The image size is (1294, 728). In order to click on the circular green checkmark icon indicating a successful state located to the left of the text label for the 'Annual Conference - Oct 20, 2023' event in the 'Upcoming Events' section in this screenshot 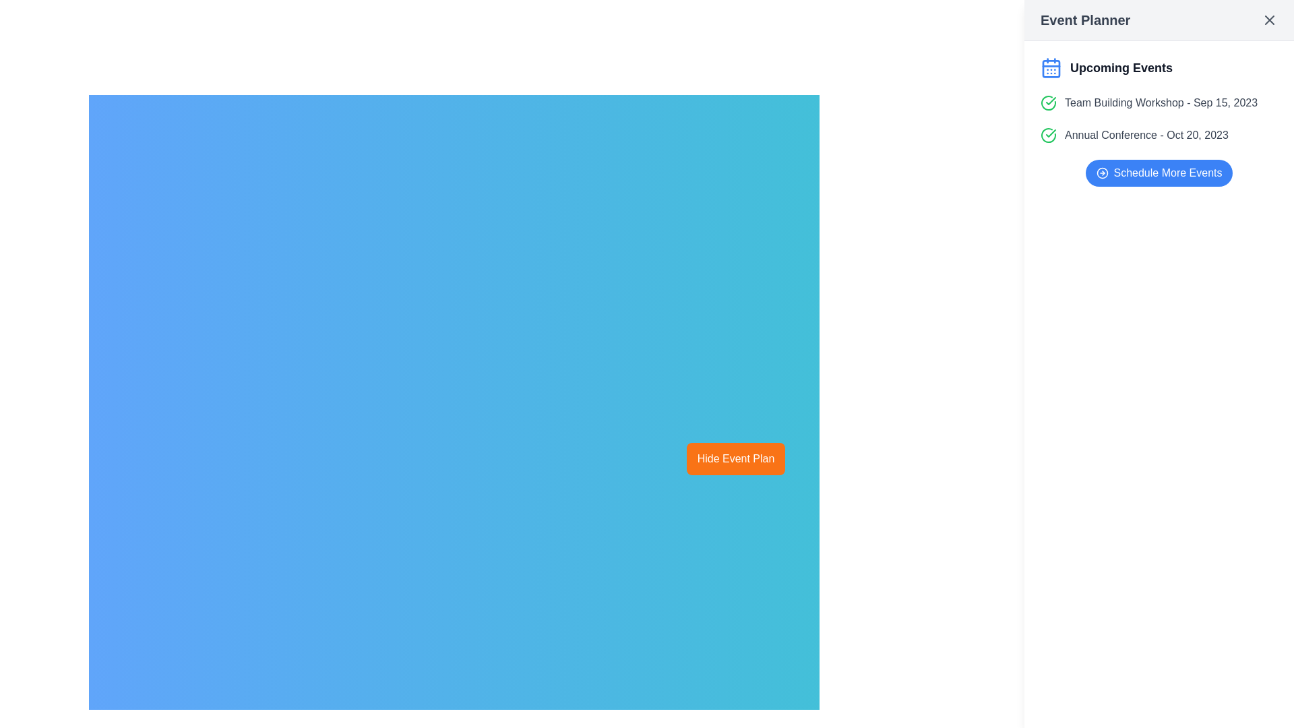, I will do `click(1047, 135)`.